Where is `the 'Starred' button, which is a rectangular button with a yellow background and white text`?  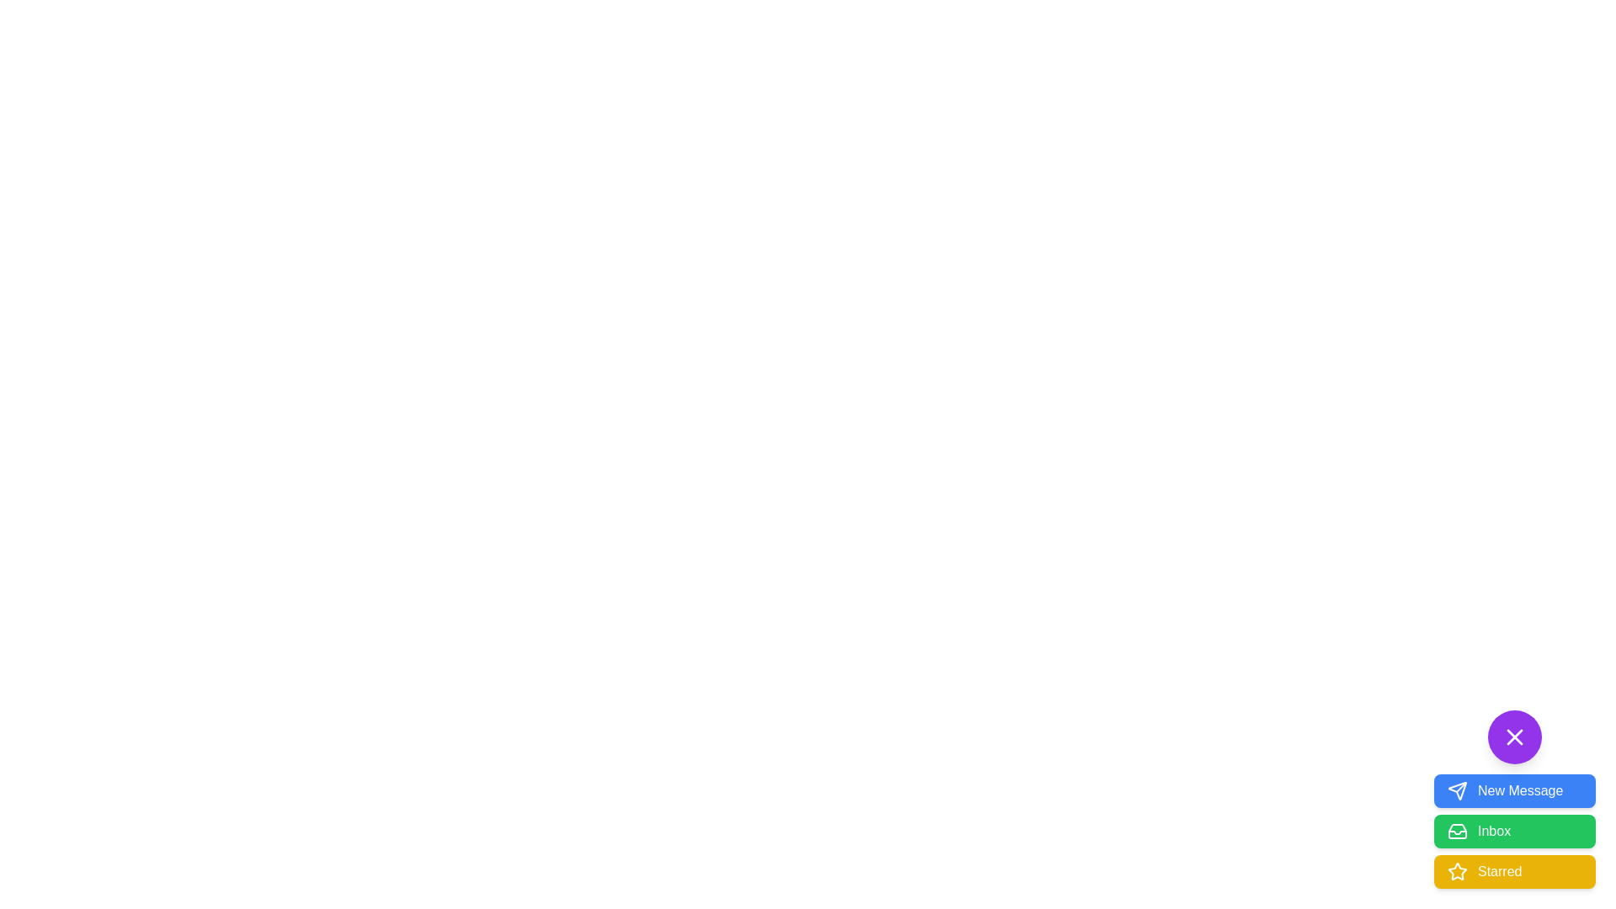
the 'Starred' button, which is a rectangular button with a yellow background and white text is located at coordinates (1515, 871).